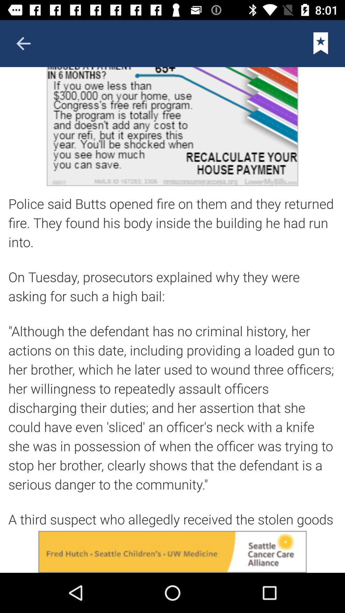 The width and height of the screenshot is (345, 613). What do you see at coordinates (23, 43) in the screenshot?
I see `the arrow_backward icon` at bounding box center [23, 43].